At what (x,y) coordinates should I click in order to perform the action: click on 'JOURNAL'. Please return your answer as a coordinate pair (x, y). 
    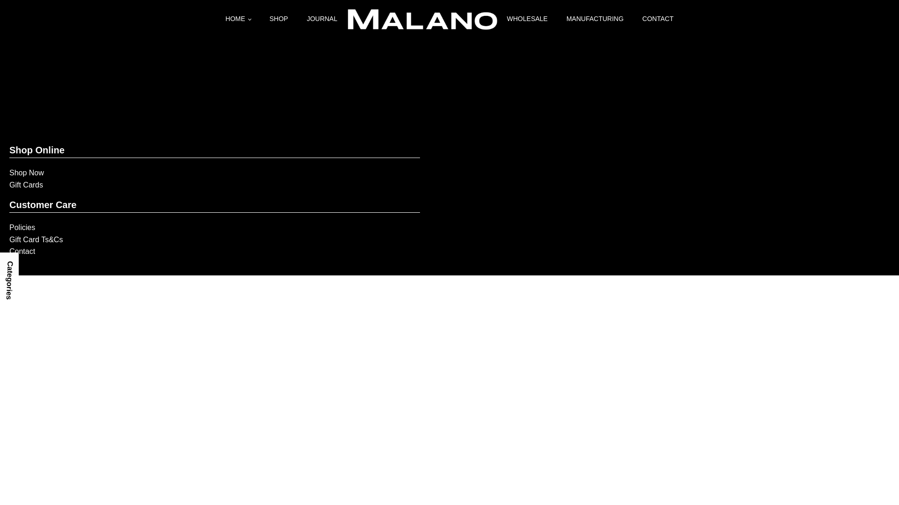
    Looking at the image, I should click on (322, 18).